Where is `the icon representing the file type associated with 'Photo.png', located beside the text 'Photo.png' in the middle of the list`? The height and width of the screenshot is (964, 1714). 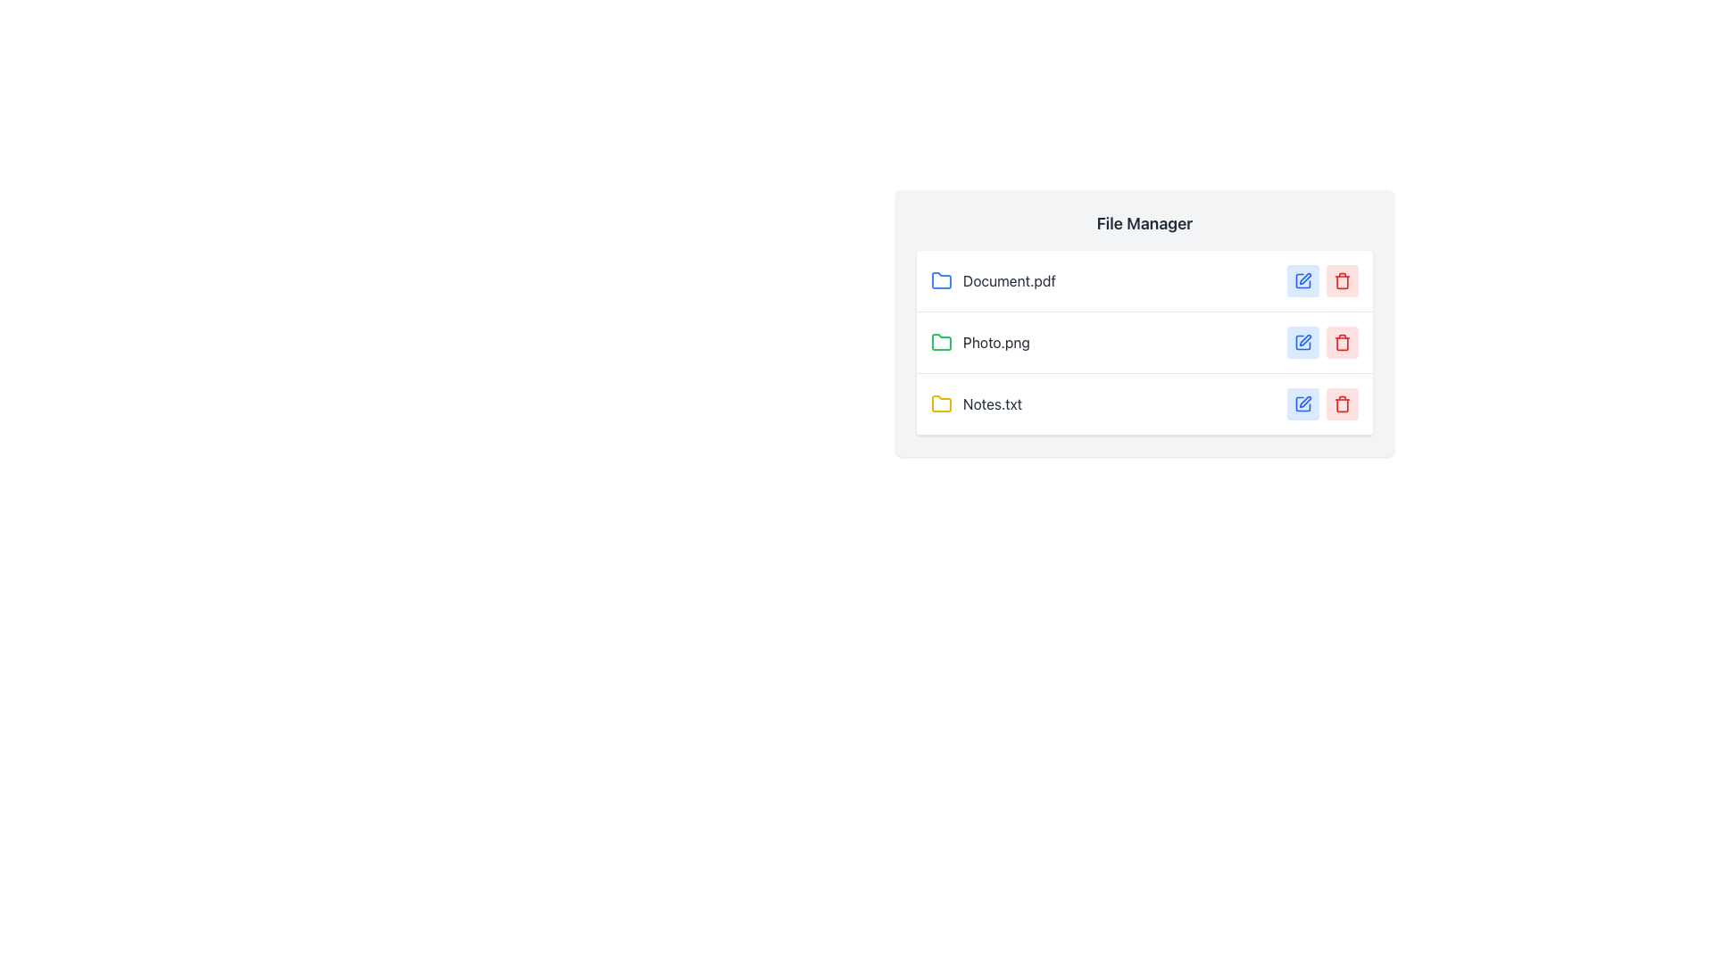 the icon representing the file type associated with 'Photo.png', located beside the text 'Photo.png' in the middle of the list is located at coordinates (941, 343).